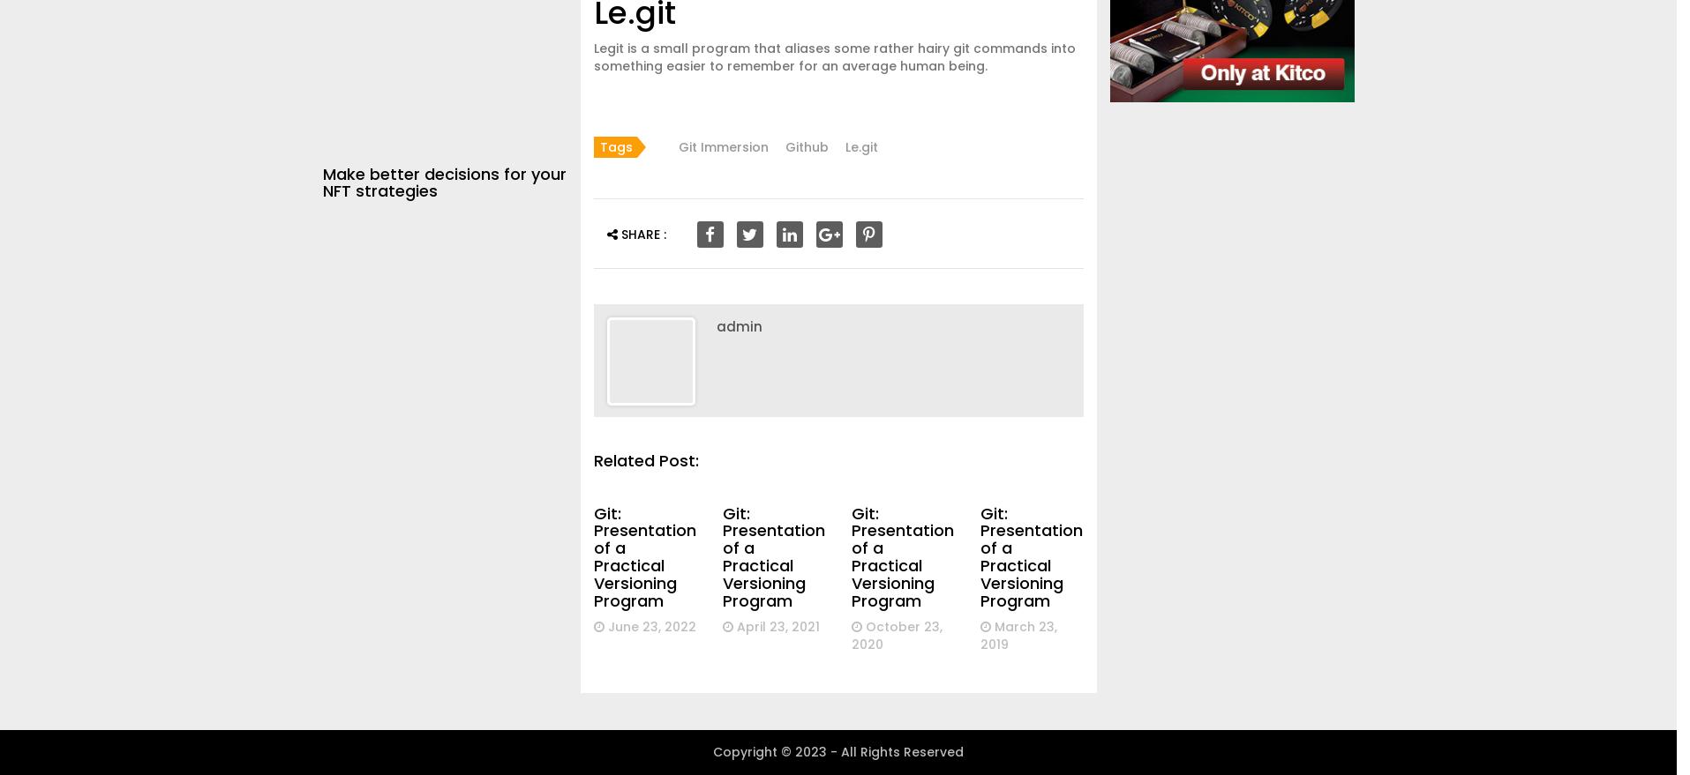  What do you see at coordinates (837, 751) in the screenshot?
I see `'Copyright © 2023 - All Rights Reserved'` at bounding box center [837, 751].